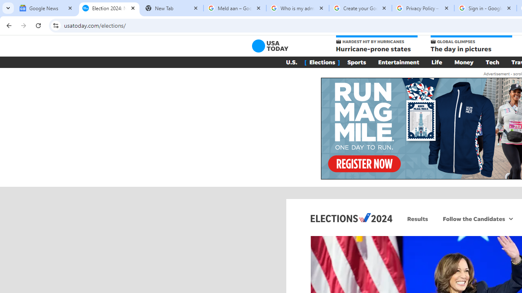 Image resolution: width=522 pixels, height=293 pixels. I want to click on 'More Follow the Candidates navigation', so click(510, 218).